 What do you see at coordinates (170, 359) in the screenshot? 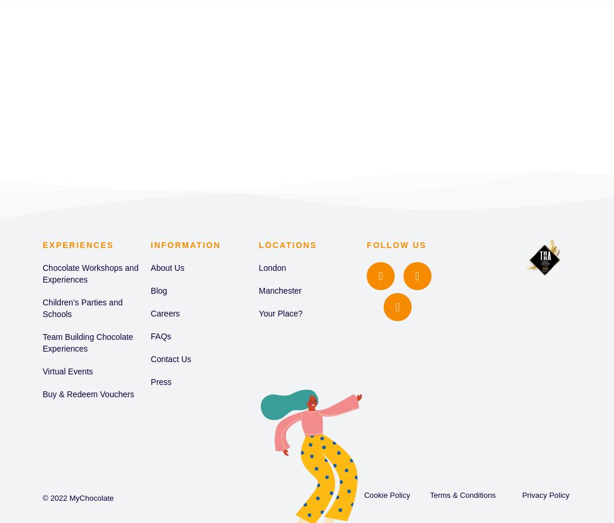
I see `'Contact Us'` at bounding box center [170, 359].